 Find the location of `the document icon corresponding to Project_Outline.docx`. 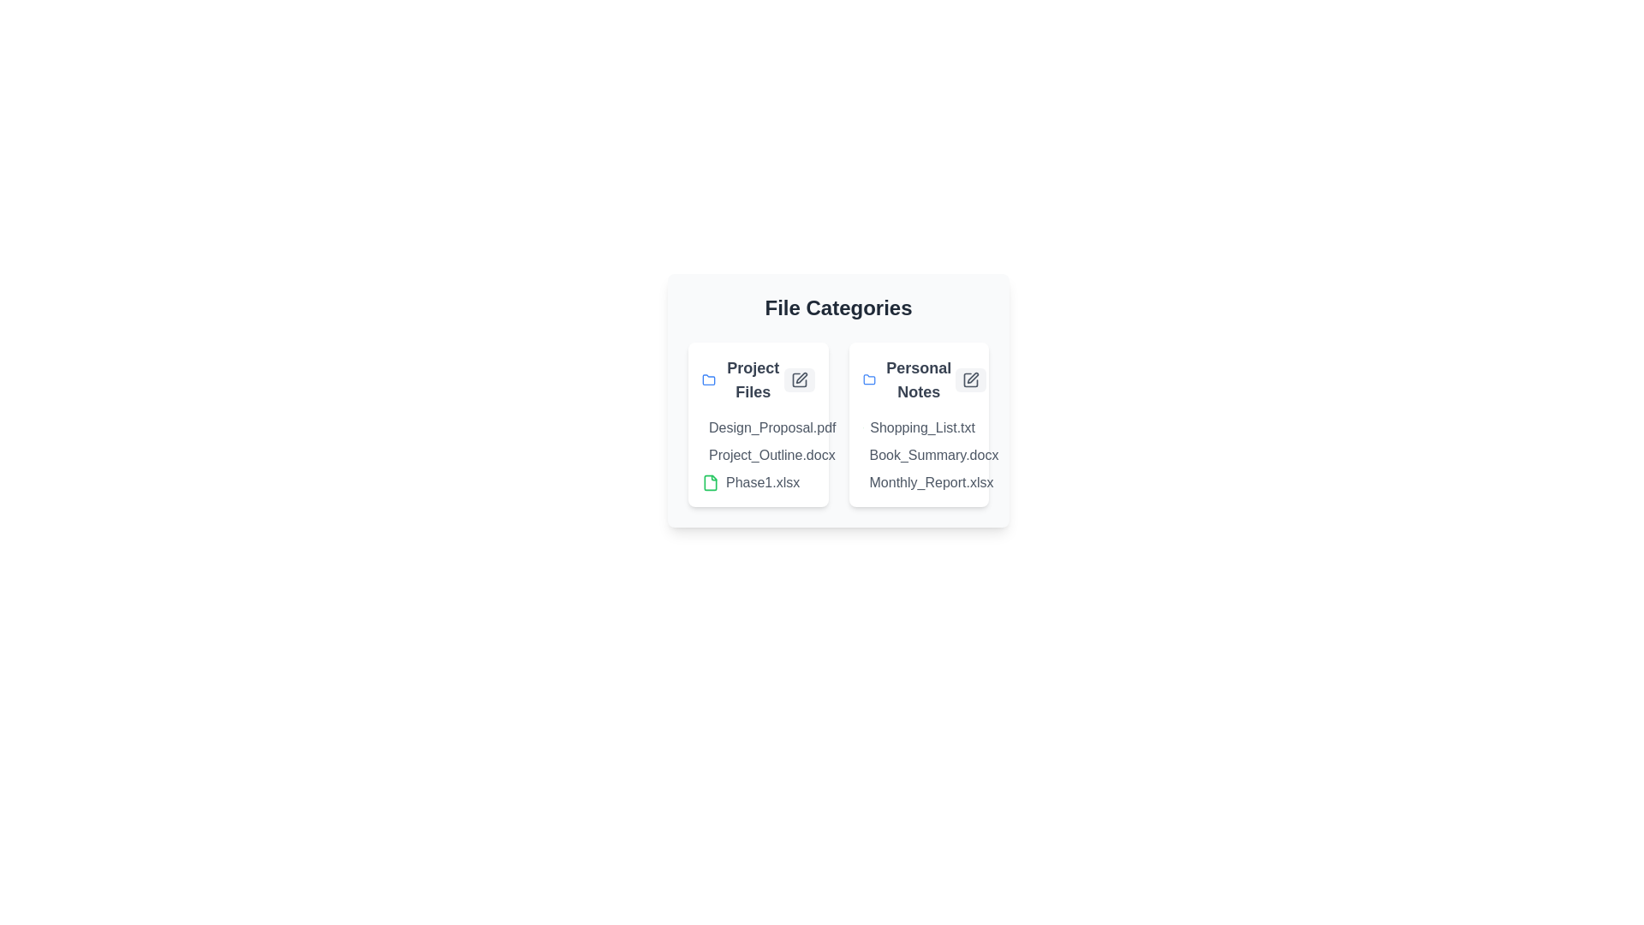

the document icon corresponding to Project_Outline.docx is located at coordinates (711, 455).